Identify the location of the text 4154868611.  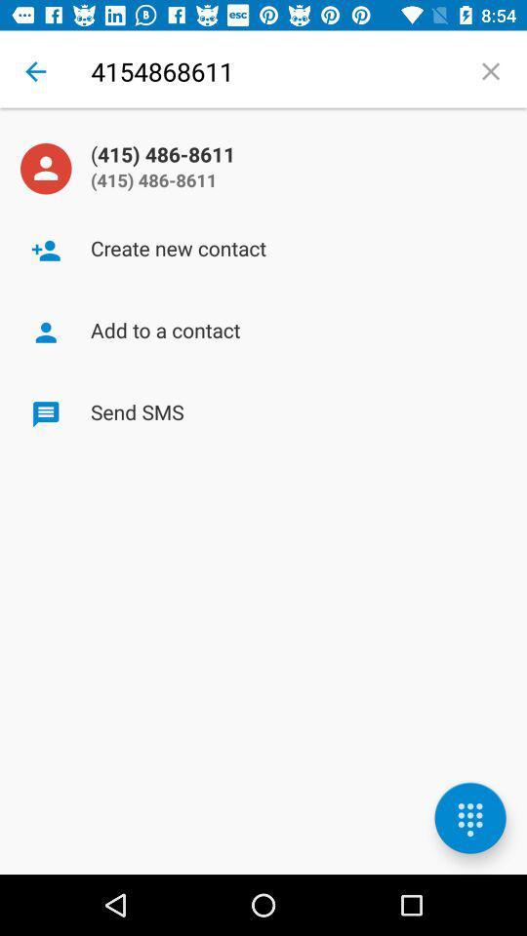
(271, 71).